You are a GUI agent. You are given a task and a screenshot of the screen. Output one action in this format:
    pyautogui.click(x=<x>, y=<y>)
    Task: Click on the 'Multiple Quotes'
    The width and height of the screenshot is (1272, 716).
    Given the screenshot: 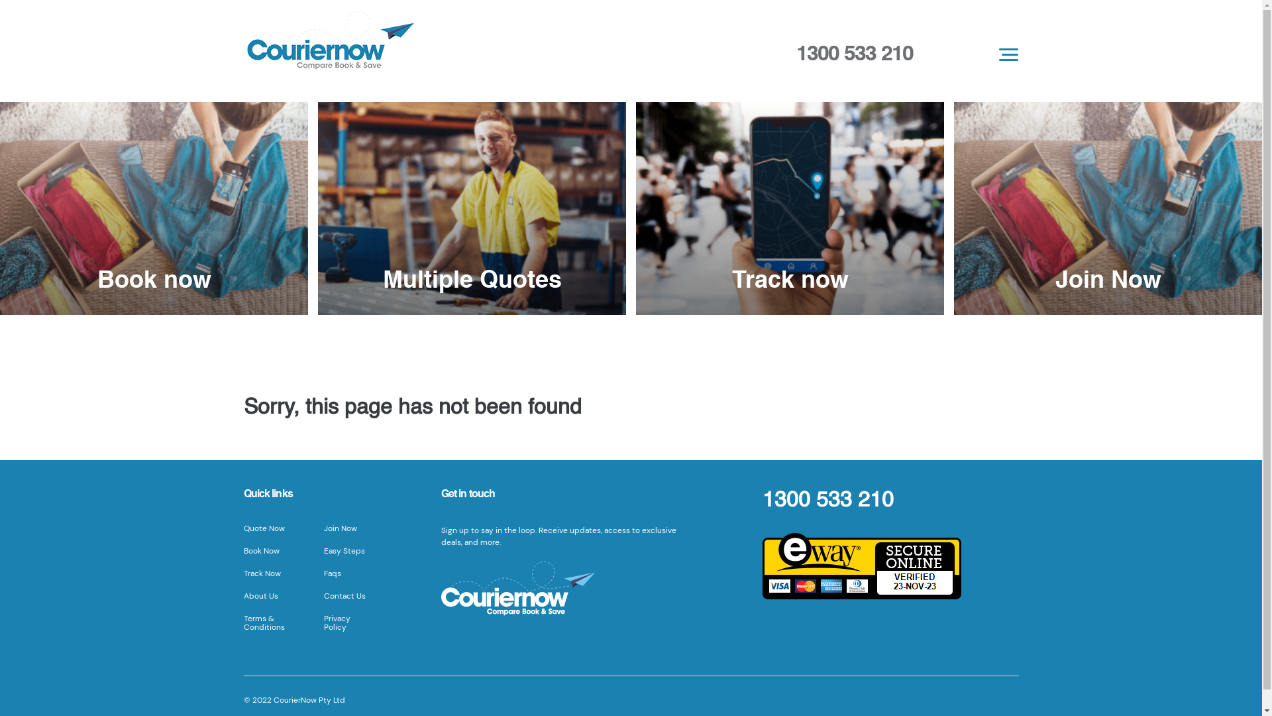 What is the action you would take?
    pyautogui.click(x=472, y=208)
    